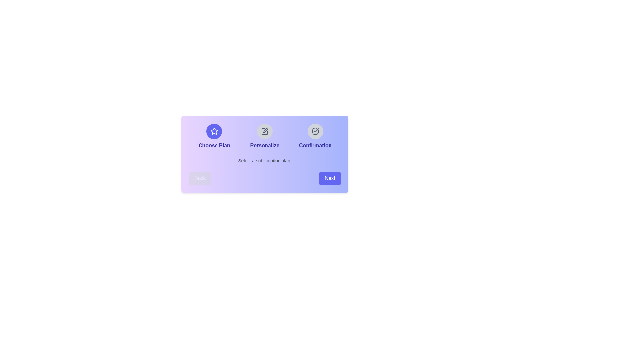 This screenshot has height=353, width=627. I want to click on the 'Next' button to proceed to the next step, so click(330, 178).